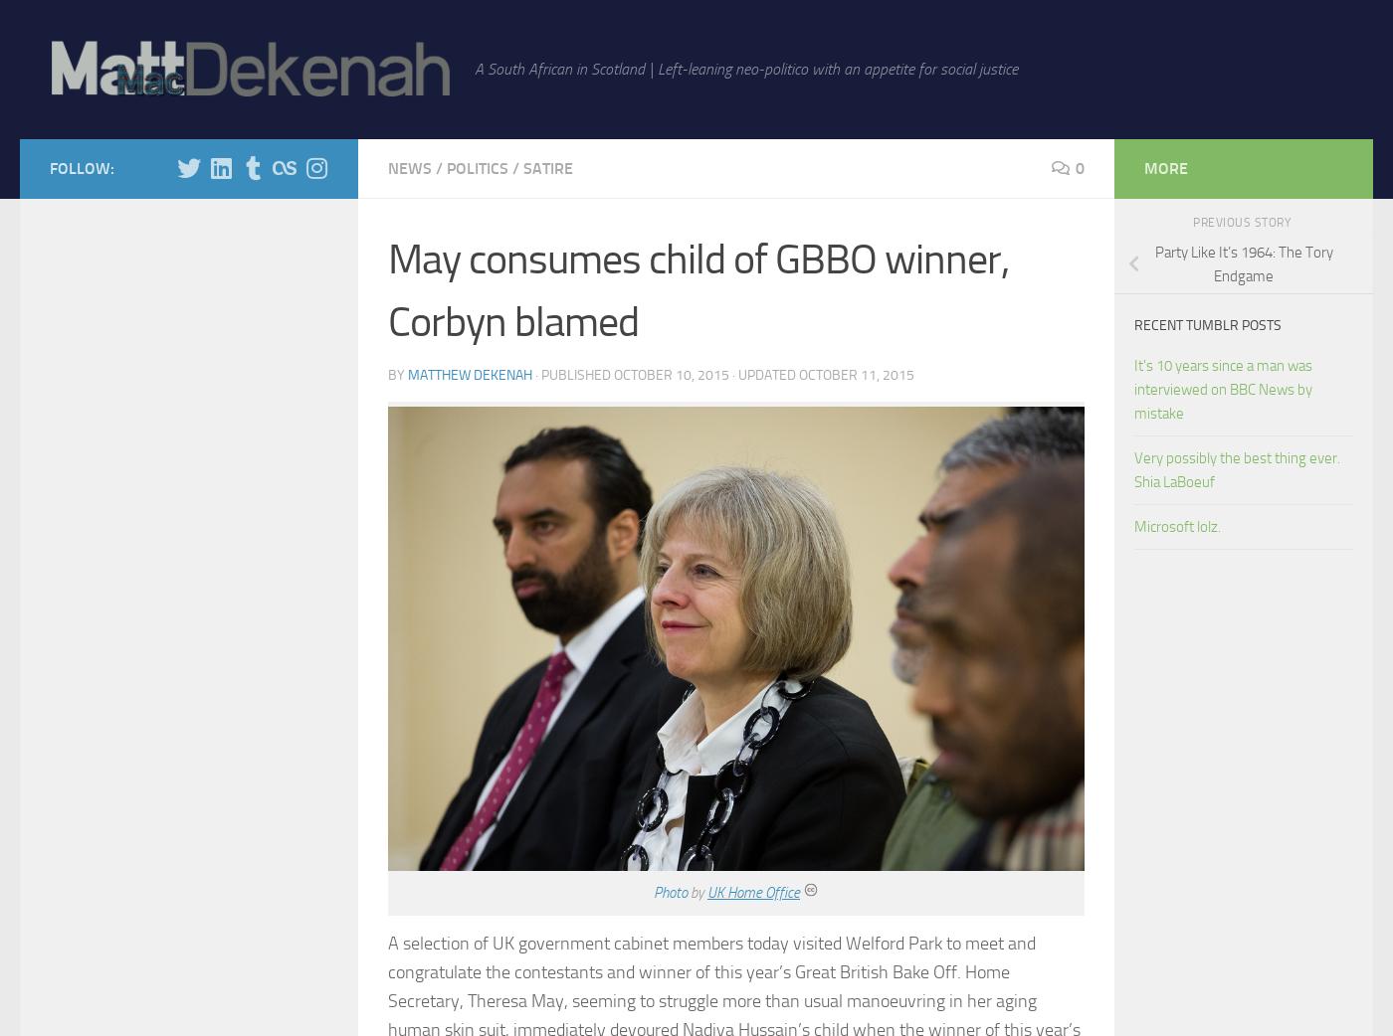  I want to click on 'Party Like It’s 1964: The Tory Endgame', so click(1243, 262).